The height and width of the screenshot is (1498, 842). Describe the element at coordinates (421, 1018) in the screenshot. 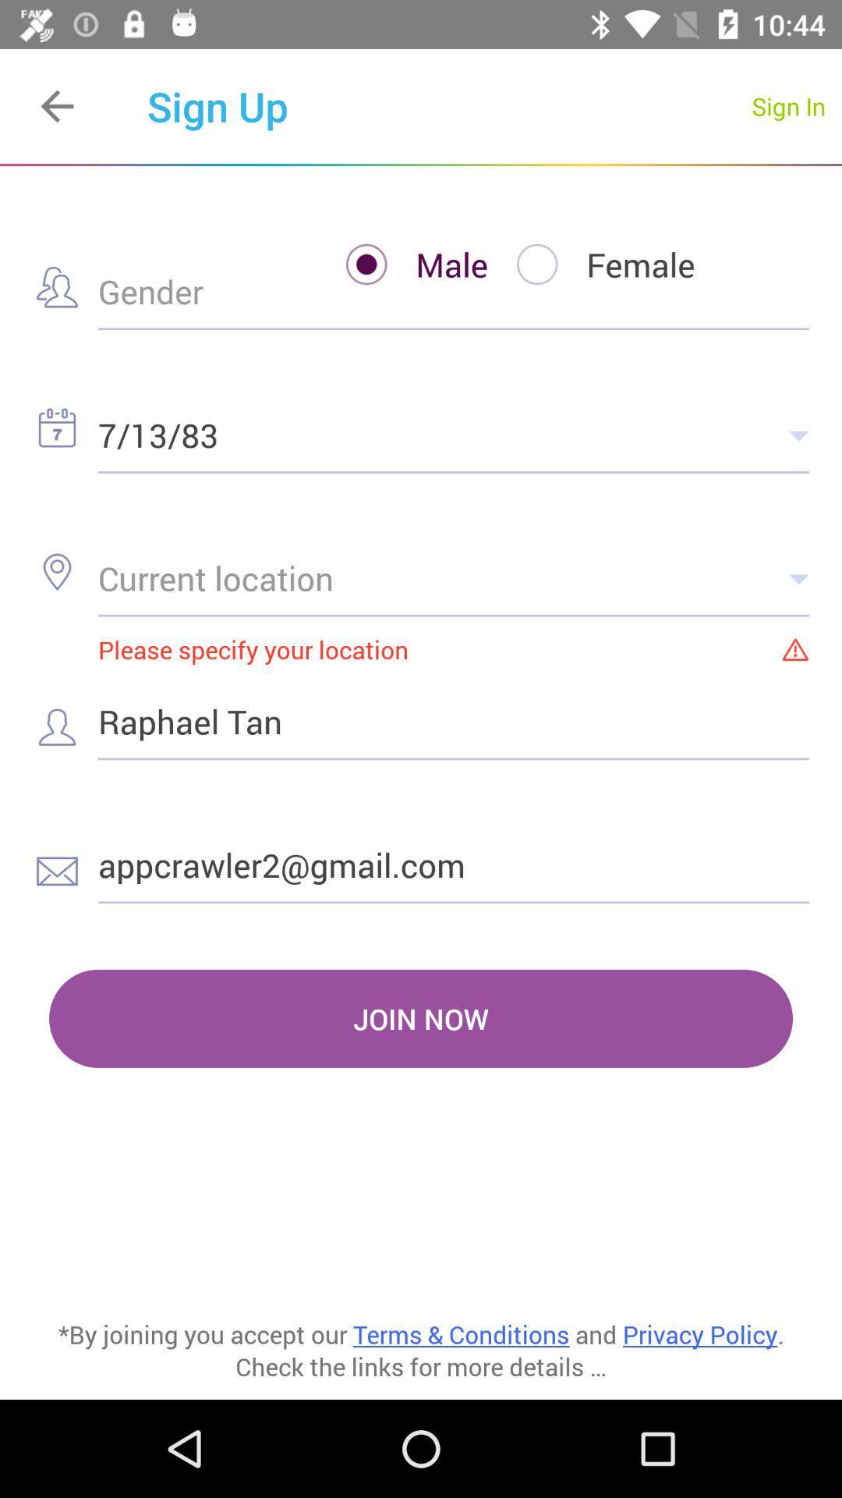

I see `the join now item` at that location.